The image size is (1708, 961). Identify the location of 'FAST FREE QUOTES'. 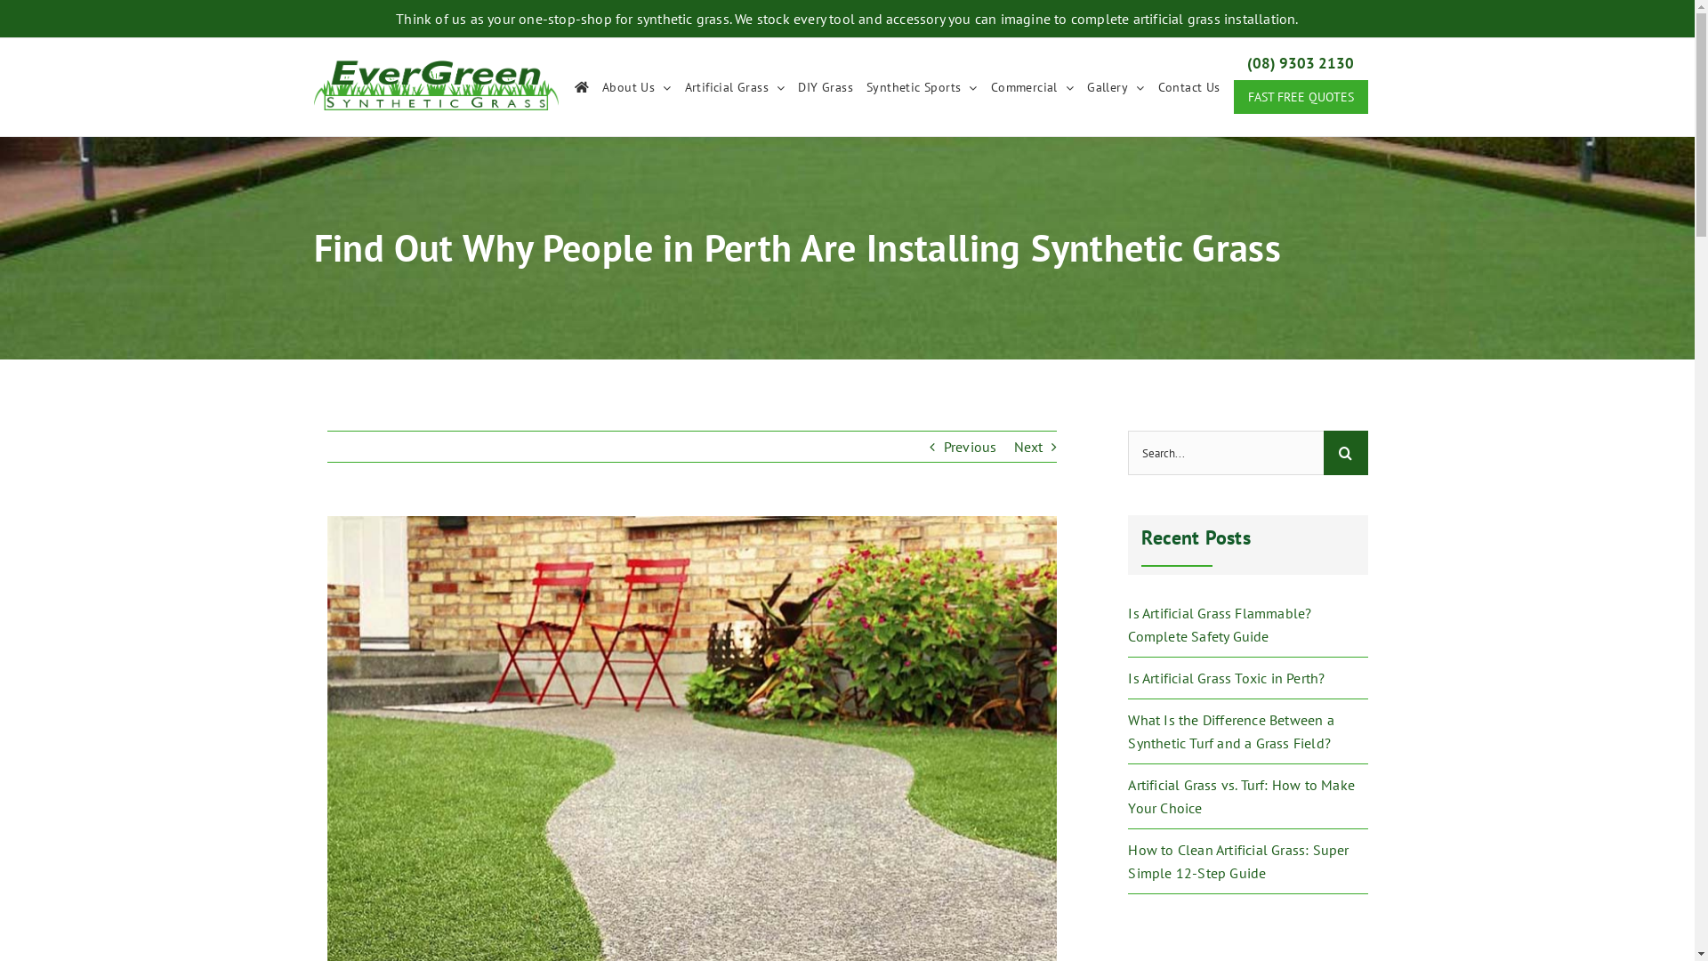
(1300, 96).